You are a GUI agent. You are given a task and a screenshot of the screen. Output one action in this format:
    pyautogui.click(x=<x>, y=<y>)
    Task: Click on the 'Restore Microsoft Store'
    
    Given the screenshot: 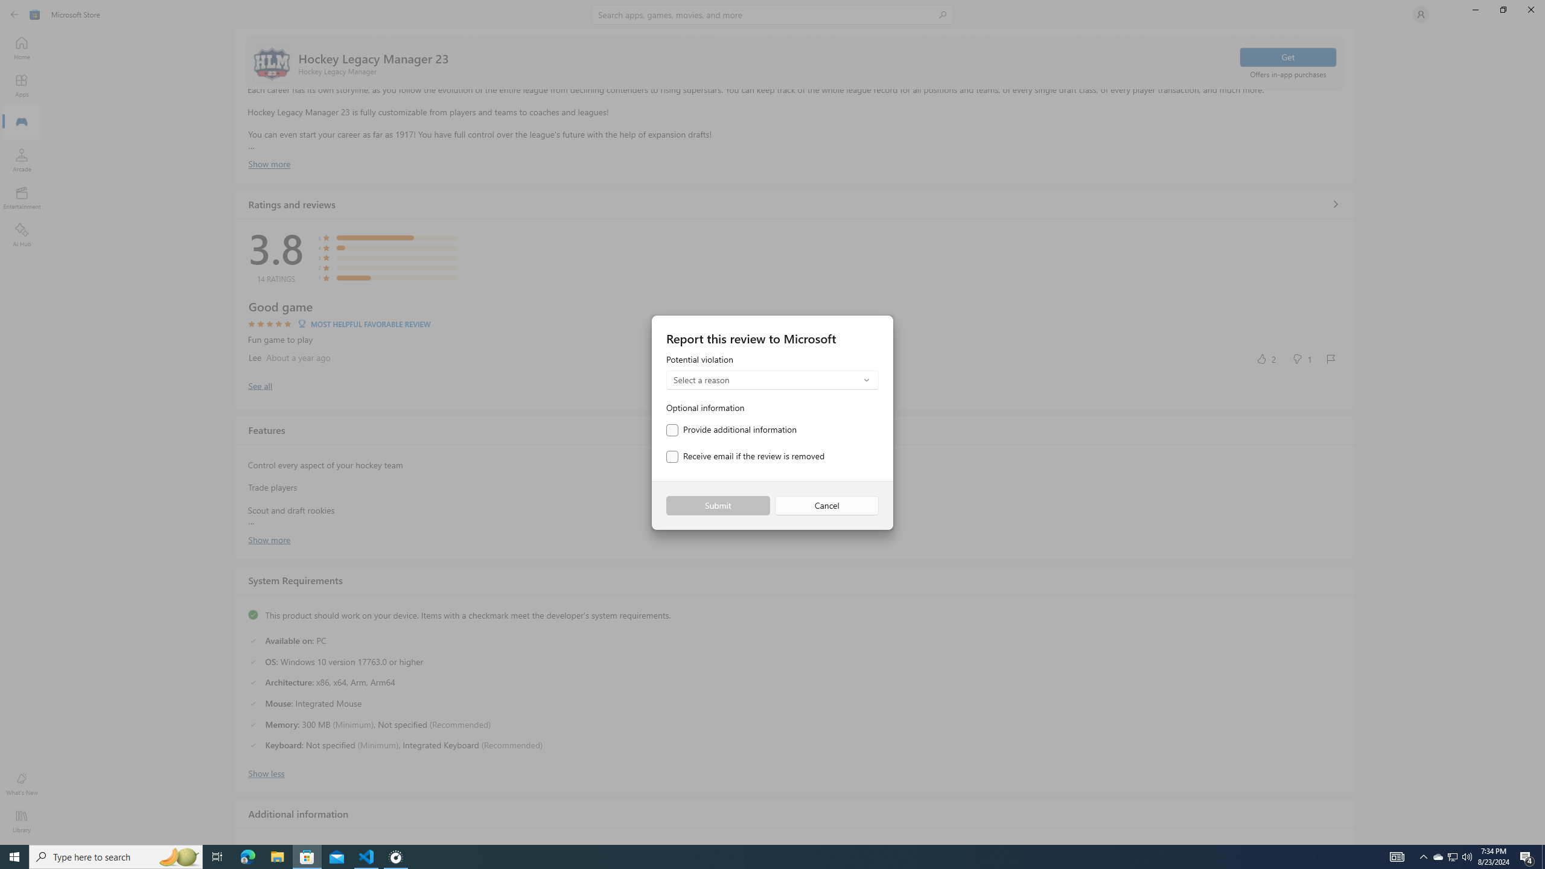 What is the action you would take?
    pyautogui.click(x=1503, y=9)
    